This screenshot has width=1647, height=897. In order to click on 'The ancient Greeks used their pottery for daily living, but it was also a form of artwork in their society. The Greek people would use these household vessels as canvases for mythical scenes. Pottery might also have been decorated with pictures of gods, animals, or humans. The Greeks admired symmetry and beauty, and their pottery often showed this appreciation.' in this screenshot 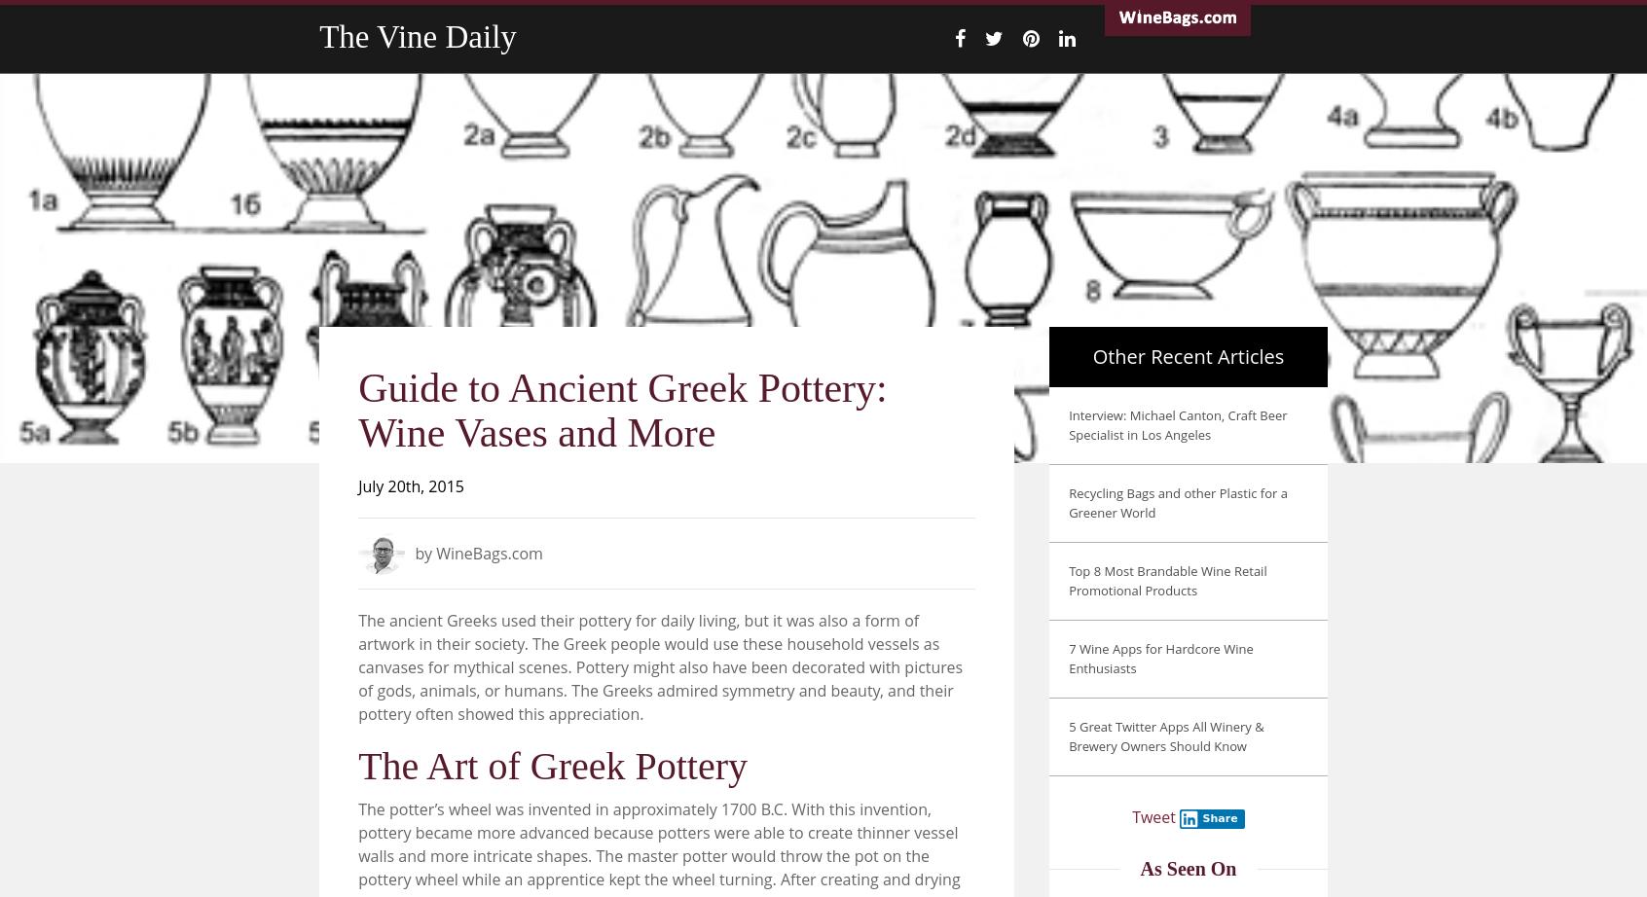, I will do `click(660, 666)`.